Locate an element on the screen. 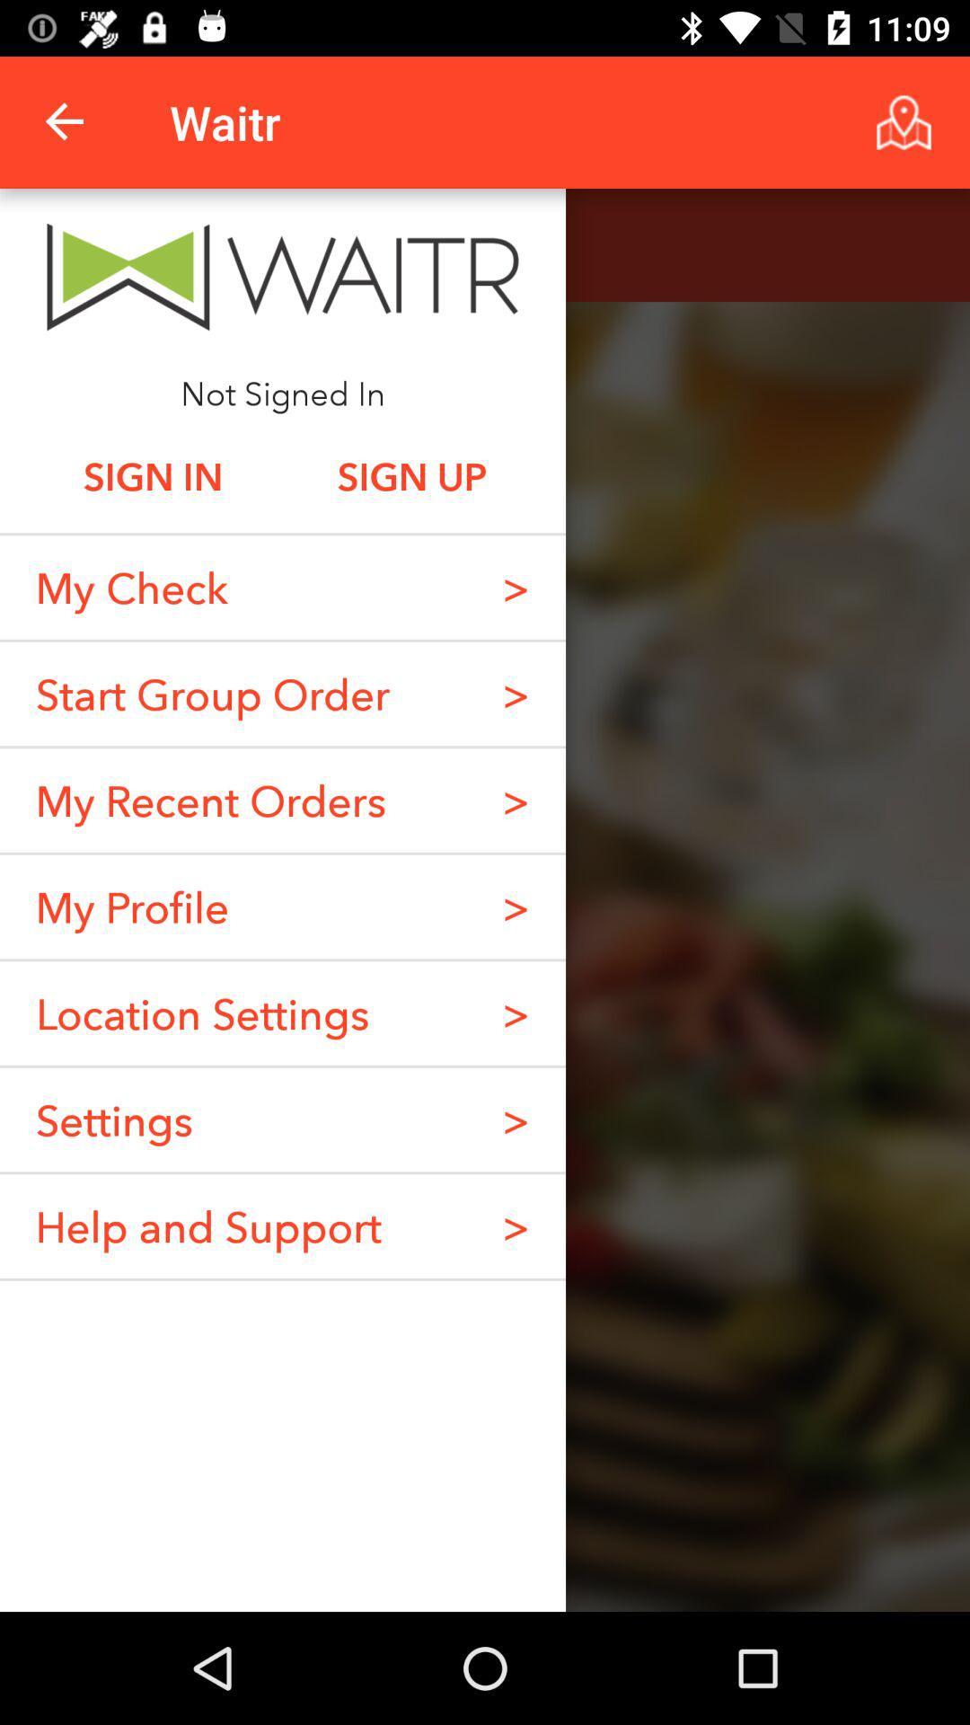 The image size is (970, 1725). the item next to the help and support is located at coordinates (516, 1119).